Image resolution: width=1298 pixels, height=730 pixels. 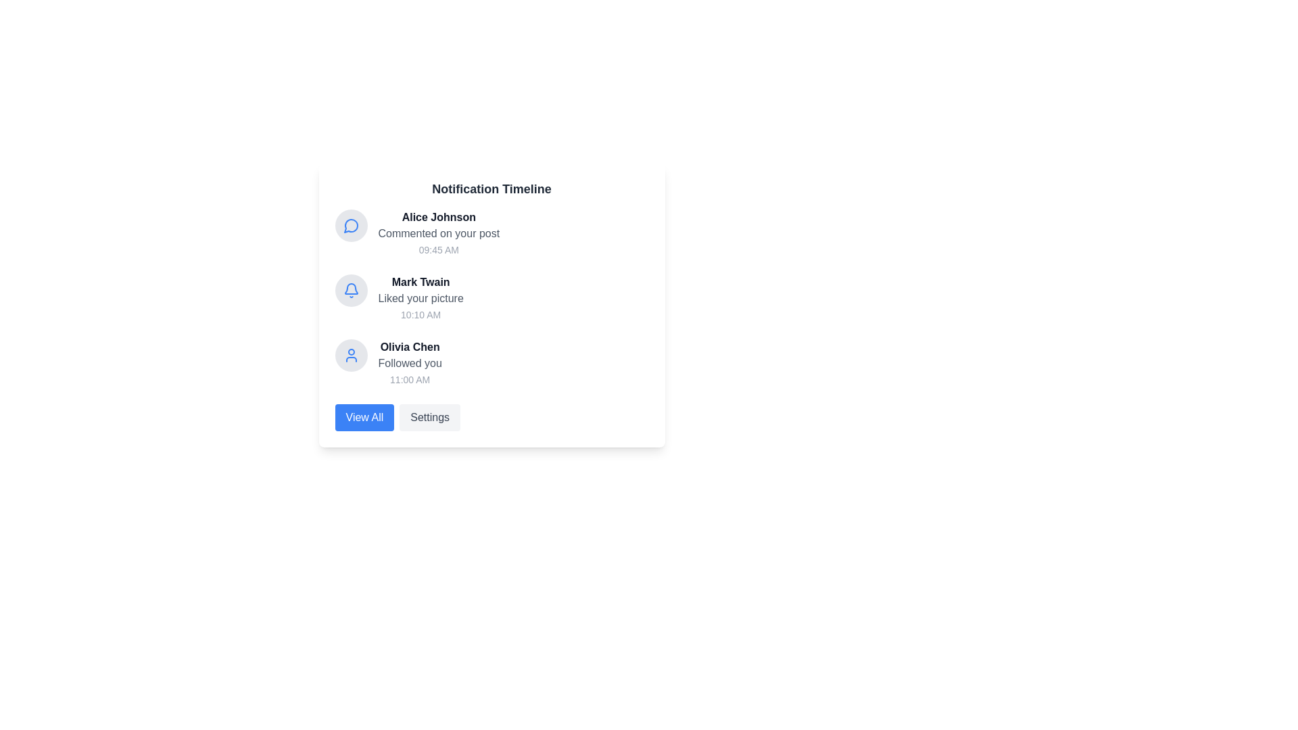 I want to click on the text label that presents the name of the person associated with the notification, located in the second notification entry above the text 'Liked your picture' and the timestamp '10:10 AM', so click(x=420, y=281).